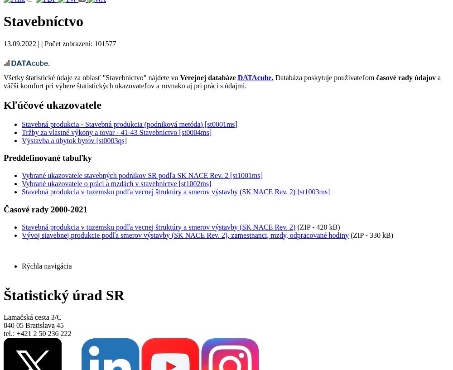 The height and width of the screenshot is (370, 453). What do you see at coordinates (158, 226) in the screenshot?
I see `'Stavebná produkcia v tuzemsku podľa vecnej štruktúry a smerov výstavby (SK NACE Rev. 2)'` at bounding box center [158, 226].